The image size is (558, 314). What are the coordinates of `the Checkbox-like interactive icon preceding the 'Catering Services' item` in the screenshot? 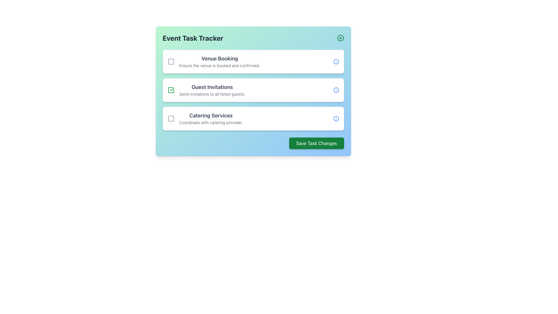 It's located at (171, 118).